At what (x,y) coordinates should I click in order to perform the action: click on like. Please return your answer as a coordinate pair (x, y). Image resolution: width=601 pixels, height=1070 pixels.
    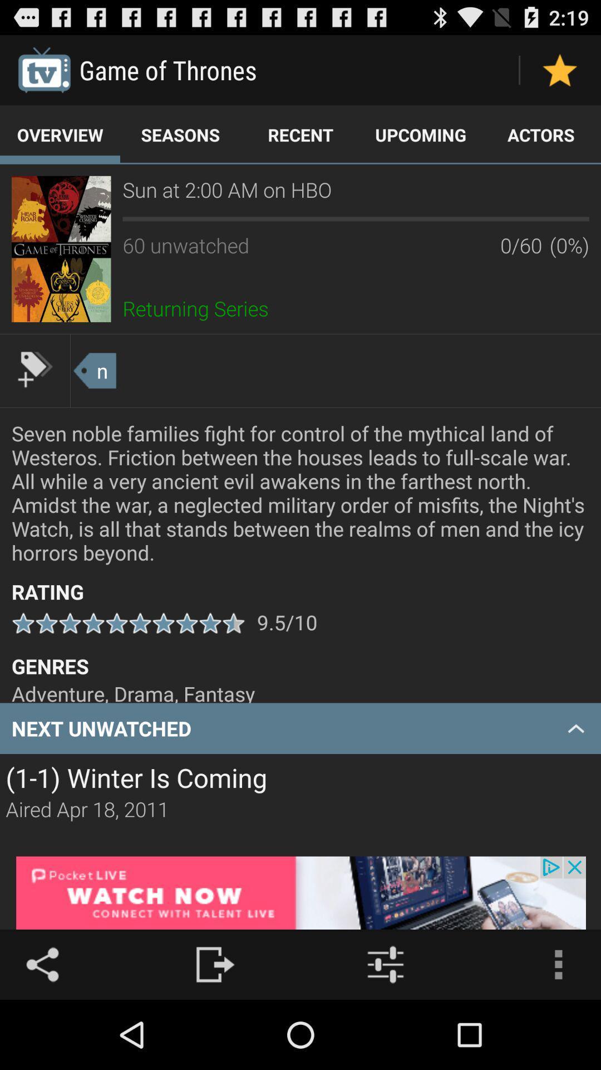
    Looking at the image, I should click on (560, 69).